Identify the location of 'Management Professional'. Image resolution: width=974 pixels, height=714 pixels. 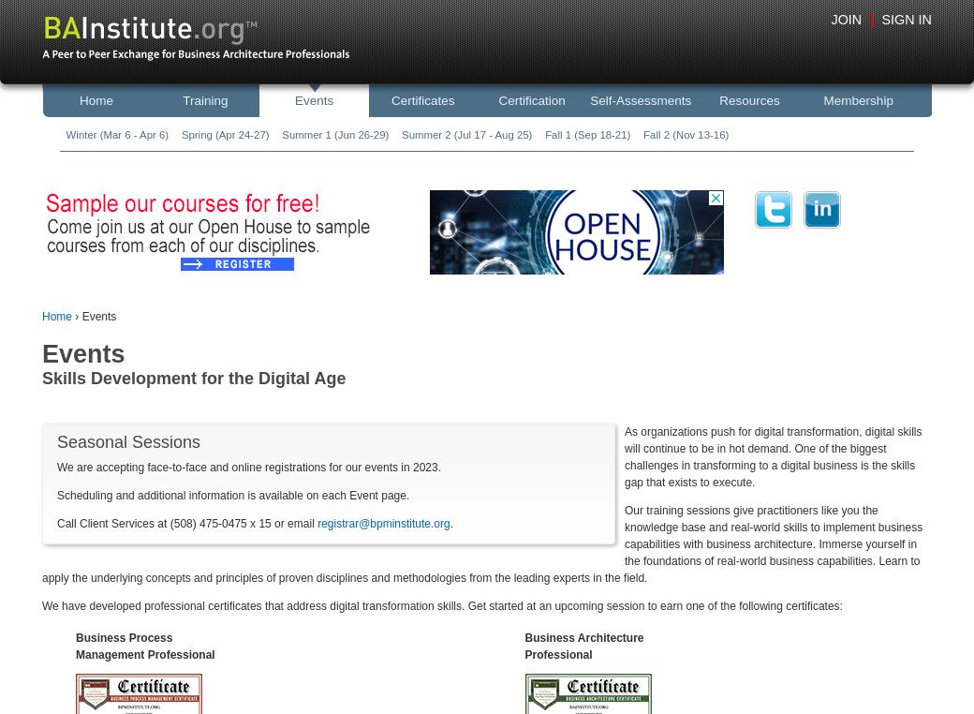
(75, 652).